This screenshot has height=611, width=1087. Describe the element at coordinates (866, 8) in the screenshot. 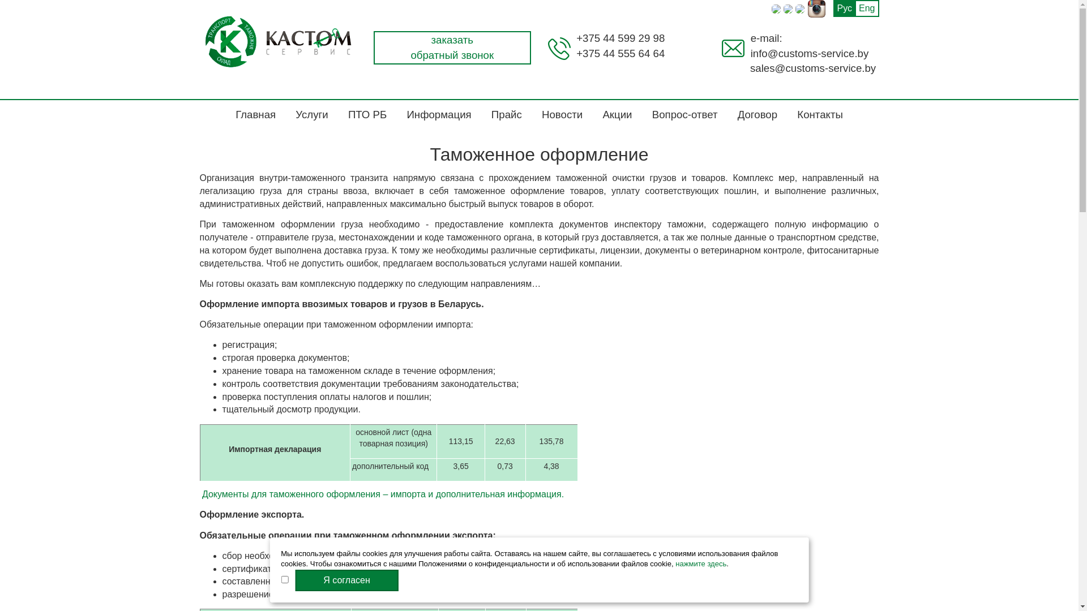

I see `'Eng'` at that location.